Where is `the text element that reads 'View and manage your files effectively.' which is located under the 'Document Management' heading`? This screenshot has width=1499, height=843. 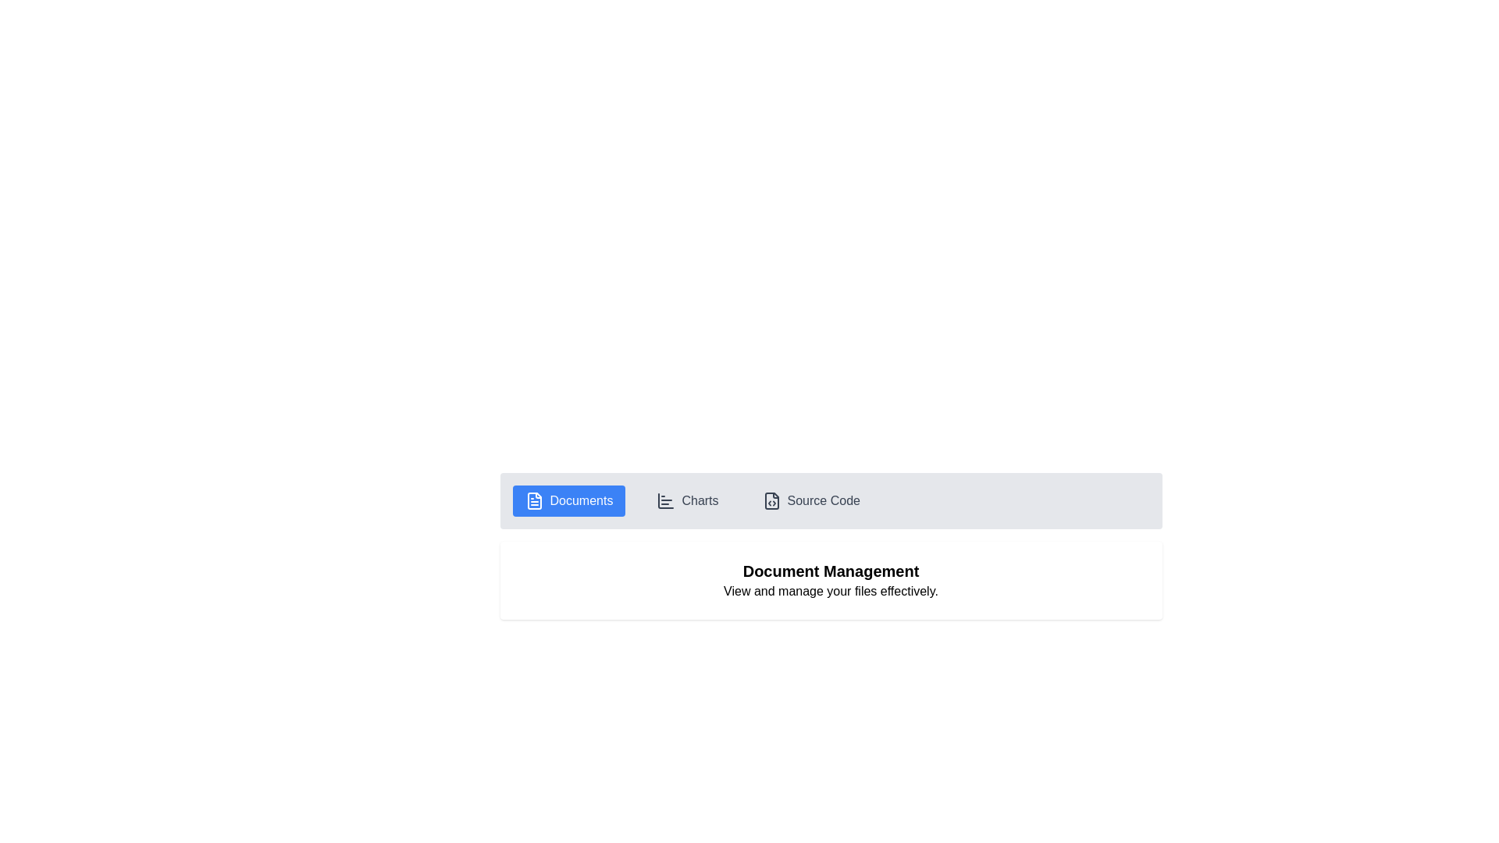
the text element that reads 'View and manage your files effectively.' which is located under the 'Document Management' heading is located at coordinates (830, 592).